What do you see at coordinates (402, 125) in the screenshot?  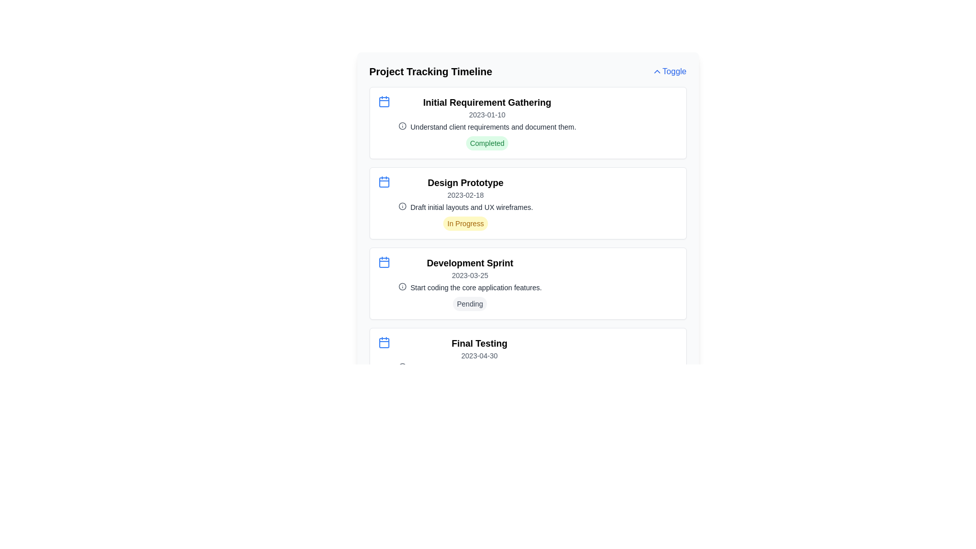 I see `the informational circular icon with an encircled 'i' positioned to the left of the text 'Understand client requirements and document them.' in the timeline component titled 'Initial Requirement Gathering'` at bounding box center [402, 125].